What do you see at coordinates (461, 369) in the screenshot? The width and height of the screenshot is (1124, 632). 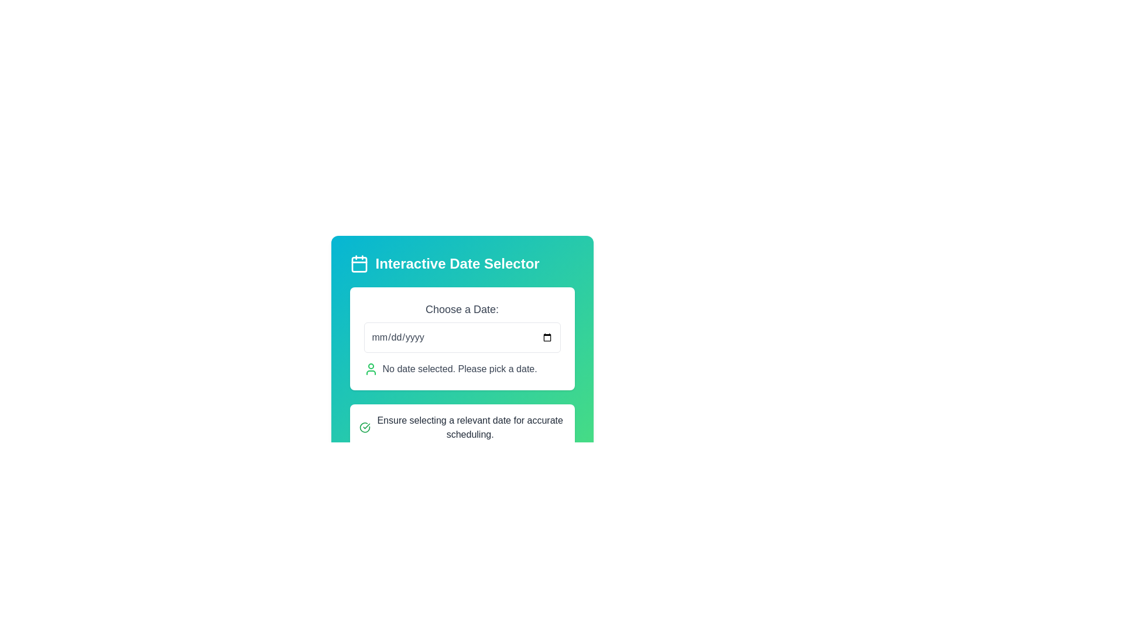 I see `the text block that states 'No date selected. Please pick a date.' which is styled with green text and has a user icon to its left` at bounding box center [461, 369].